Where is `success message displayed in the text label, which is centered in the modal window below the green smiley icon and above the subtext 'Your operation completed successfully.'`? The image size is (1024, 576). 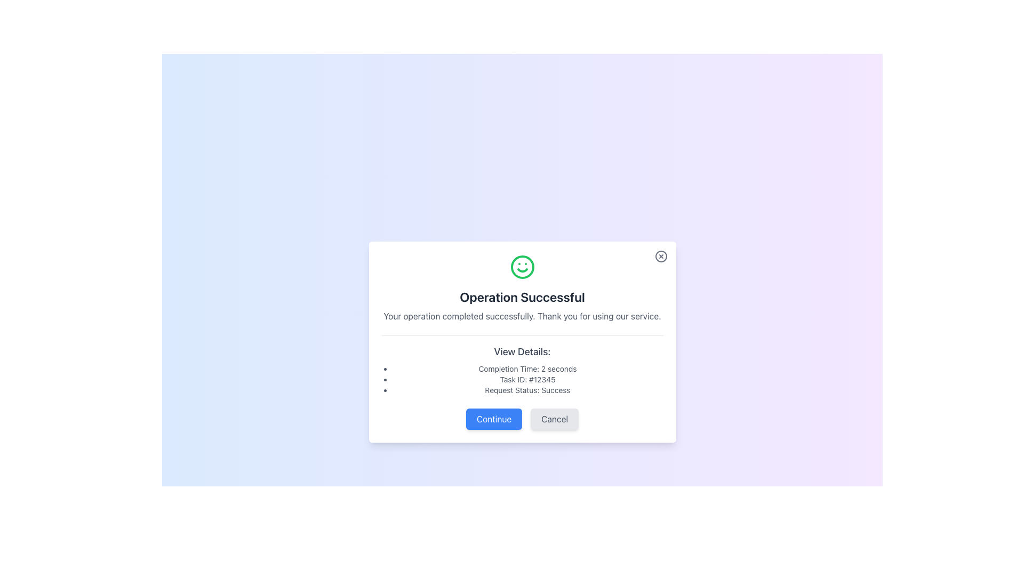 success message displayed in the text label, which is centered in the modal window below the green smiley icon and above the subtext 'Your operation completed successfully.' is located at coordinates (522, 297).